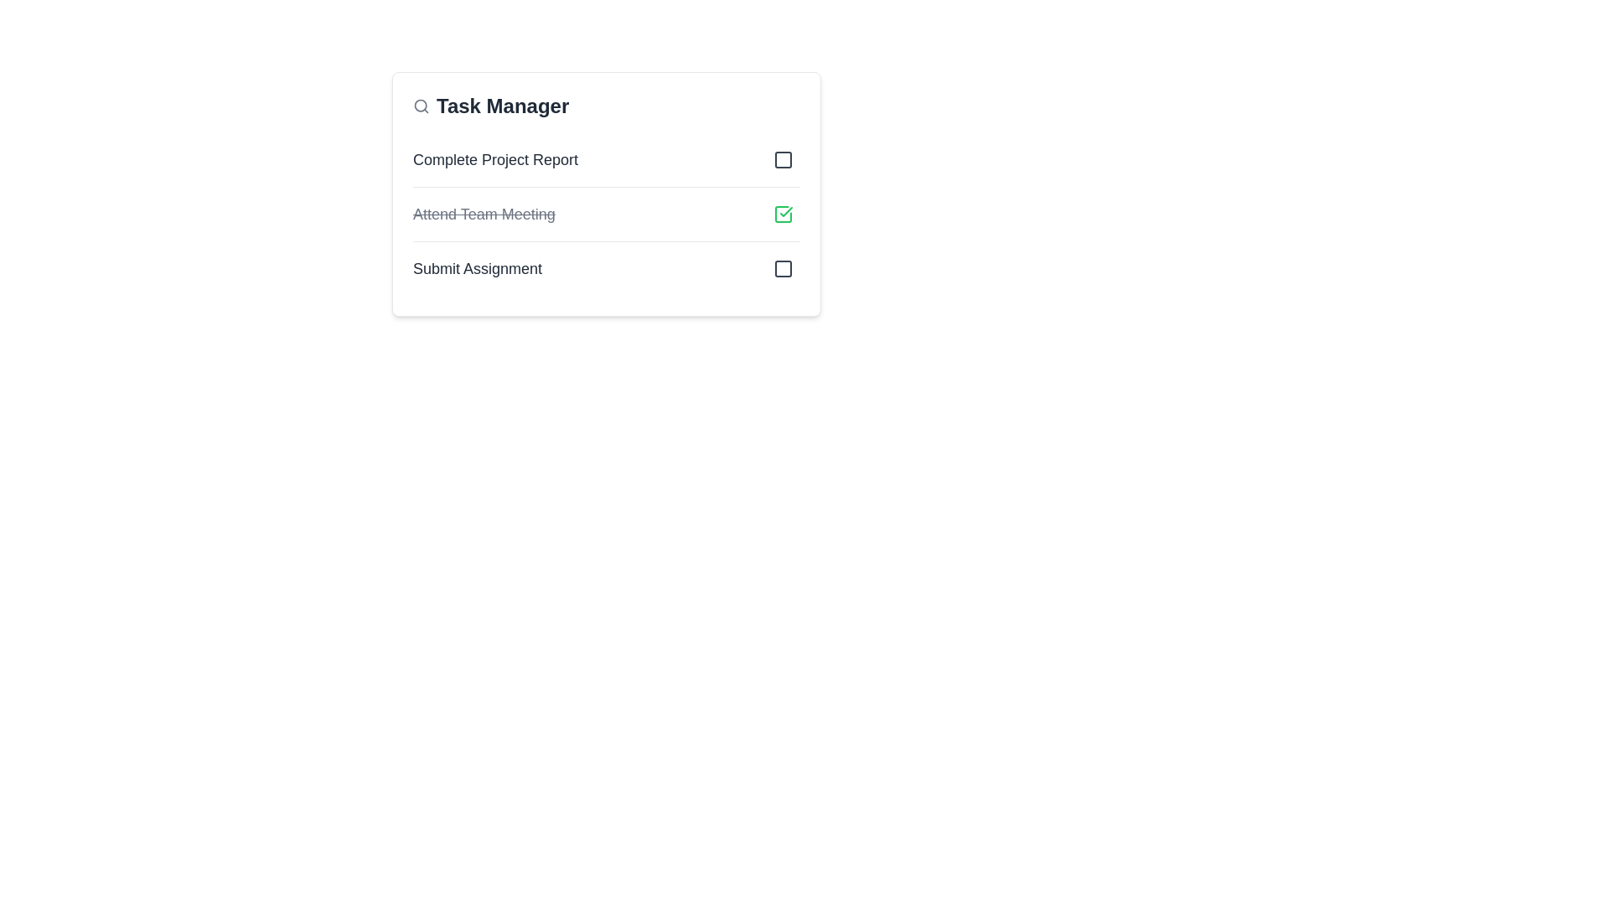 The width and height of the screenshot is (1609, 905). What do you see at coordinates (783, 267) in the screenshot?
I see `the checkbox for the 'Submit Assignment' task` at bounding box center [783, 267].